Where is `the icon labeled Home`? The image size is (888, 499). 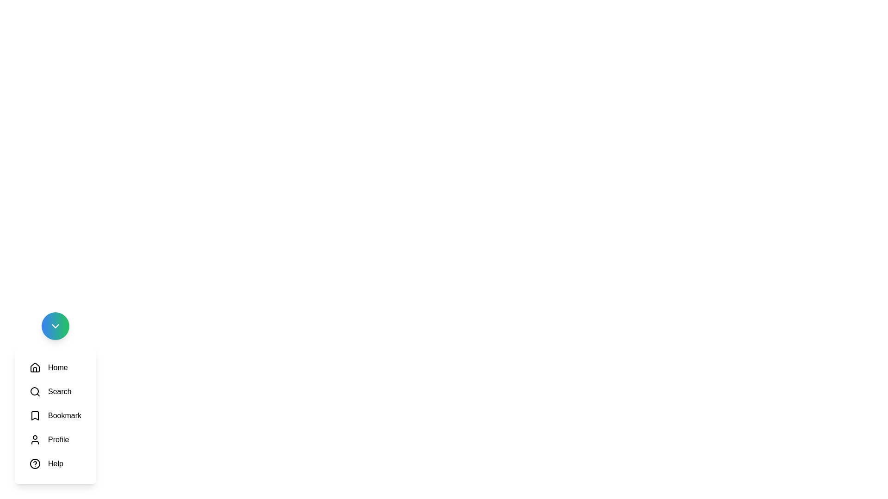
the icon labeled Home is located at coordinates (48, 367).